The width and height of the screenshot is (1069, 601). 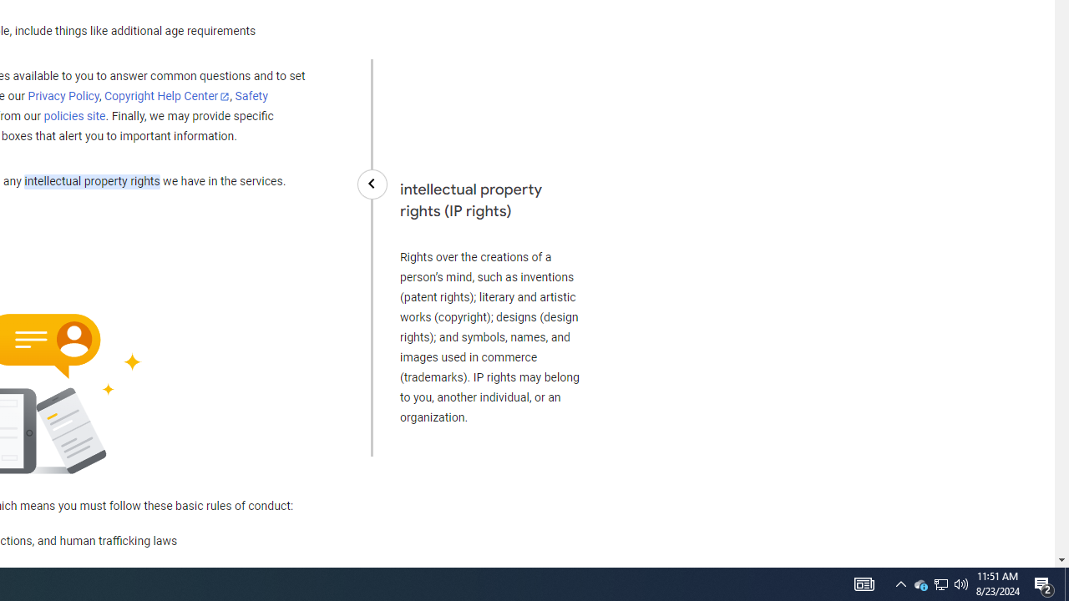 What do you see at coordinates (73, 116) in the screenshot?
I see `'policies site'` at bounding box center [73, 116].